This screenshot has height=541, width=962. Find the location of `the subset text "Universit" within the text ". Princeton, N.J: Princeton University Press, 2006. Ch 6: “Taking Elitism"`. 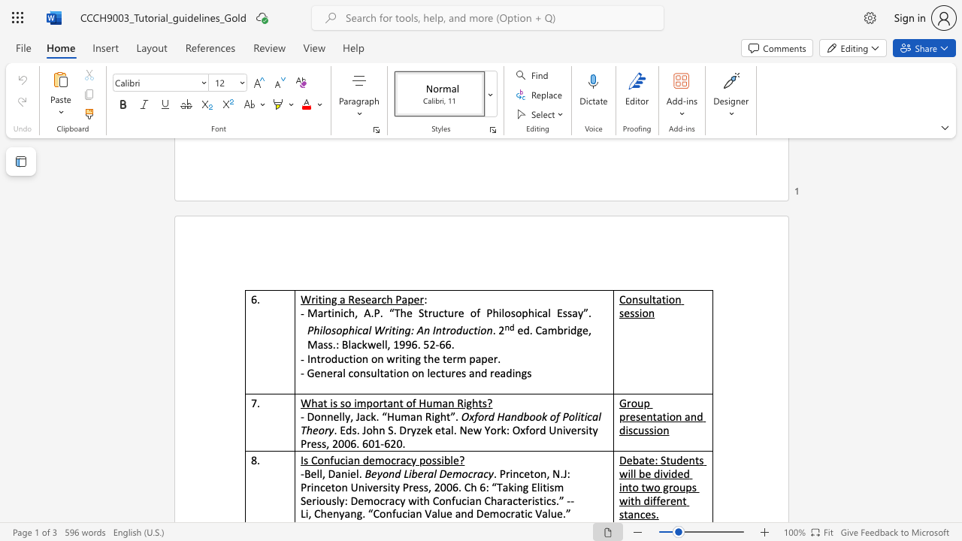

the subset text "Universit" within the text ". Princeton, N.J: Princeton University Press, 2006. Ch 6: “Taking Elitism" is located at coordinates (349, 487).